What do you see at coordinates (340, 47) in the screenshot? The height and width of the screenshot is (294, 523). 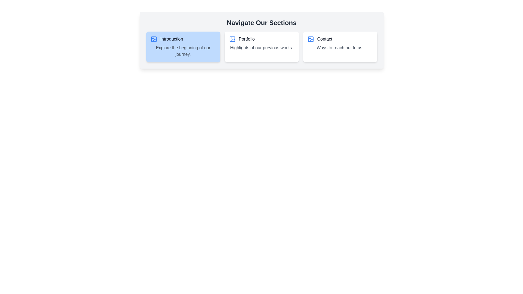 I see `the third card titled 'Contact' in the 'Navigate Our Sections' group, which features a blue icon and white background` at bounding box center [340, 47].